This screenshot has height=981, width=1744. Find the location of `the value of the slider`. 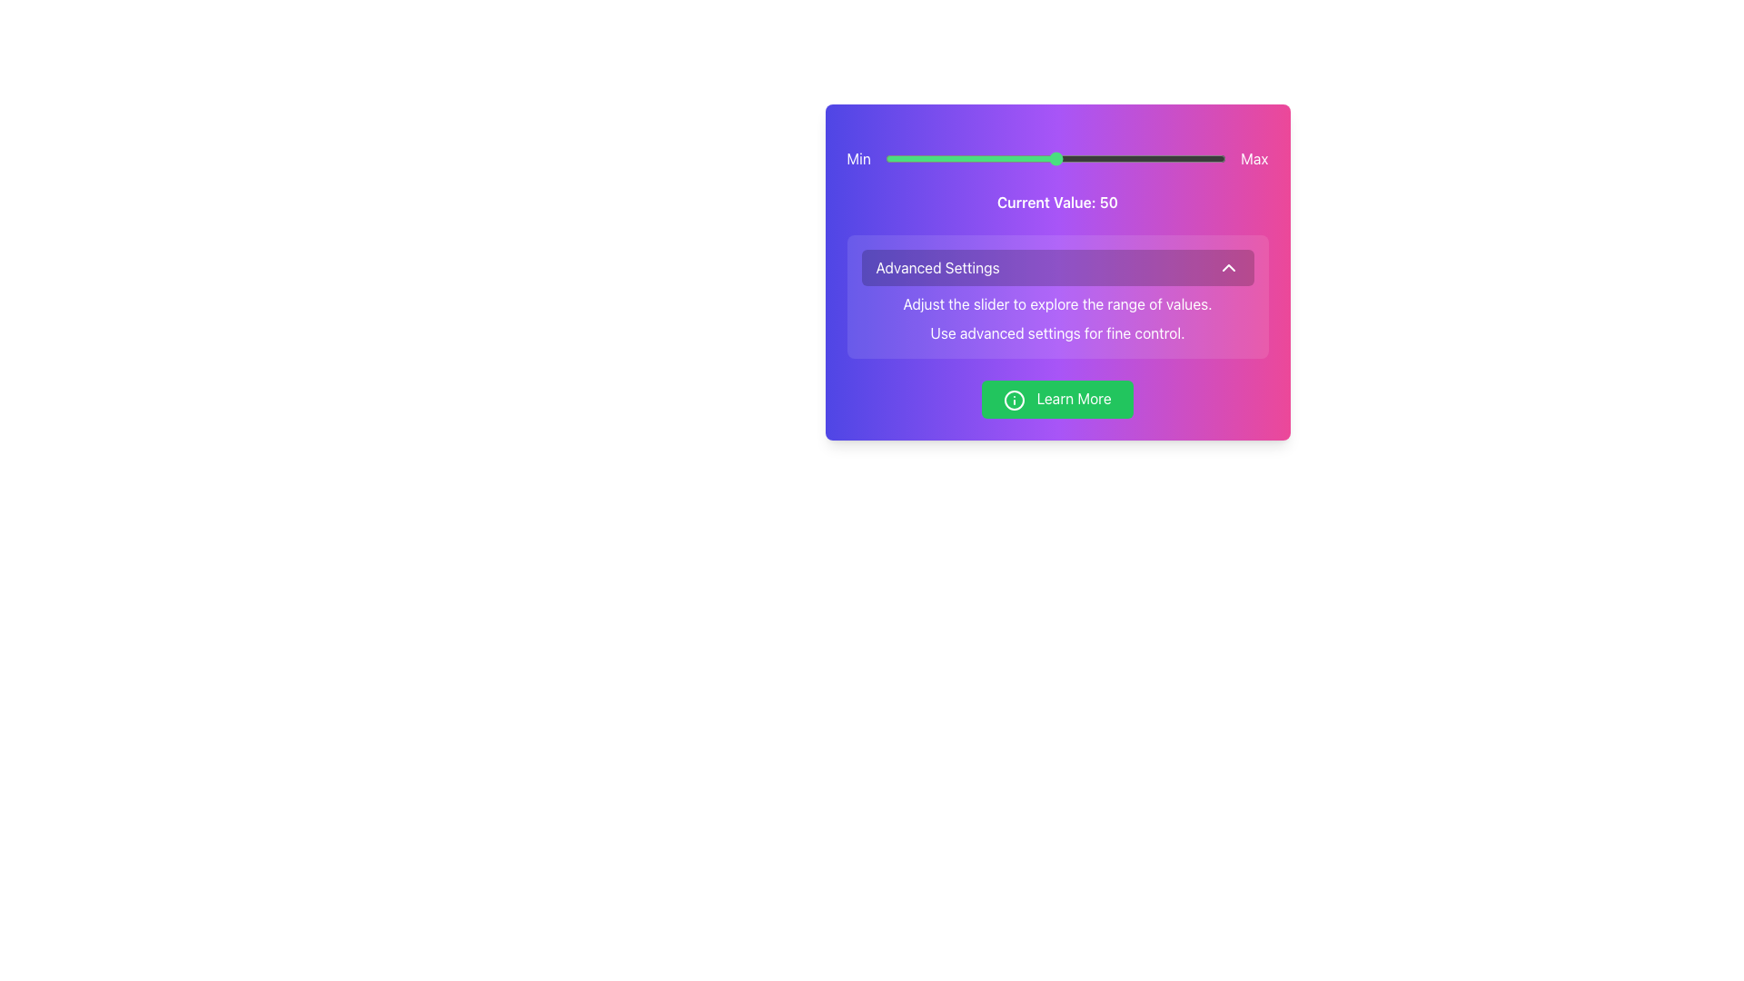

the value of the slider is located at coordinates (1192, 157).